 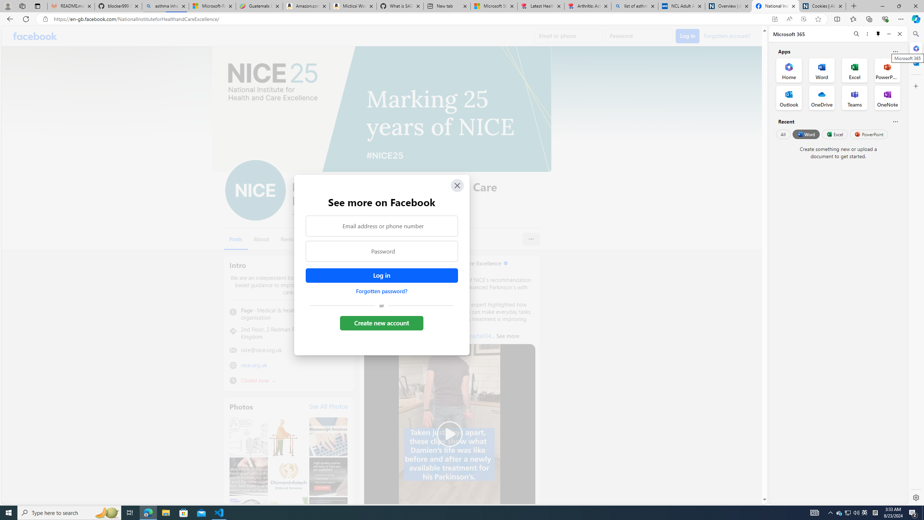 I want to click on 'PowerPoint', so click(x=868, y=134).